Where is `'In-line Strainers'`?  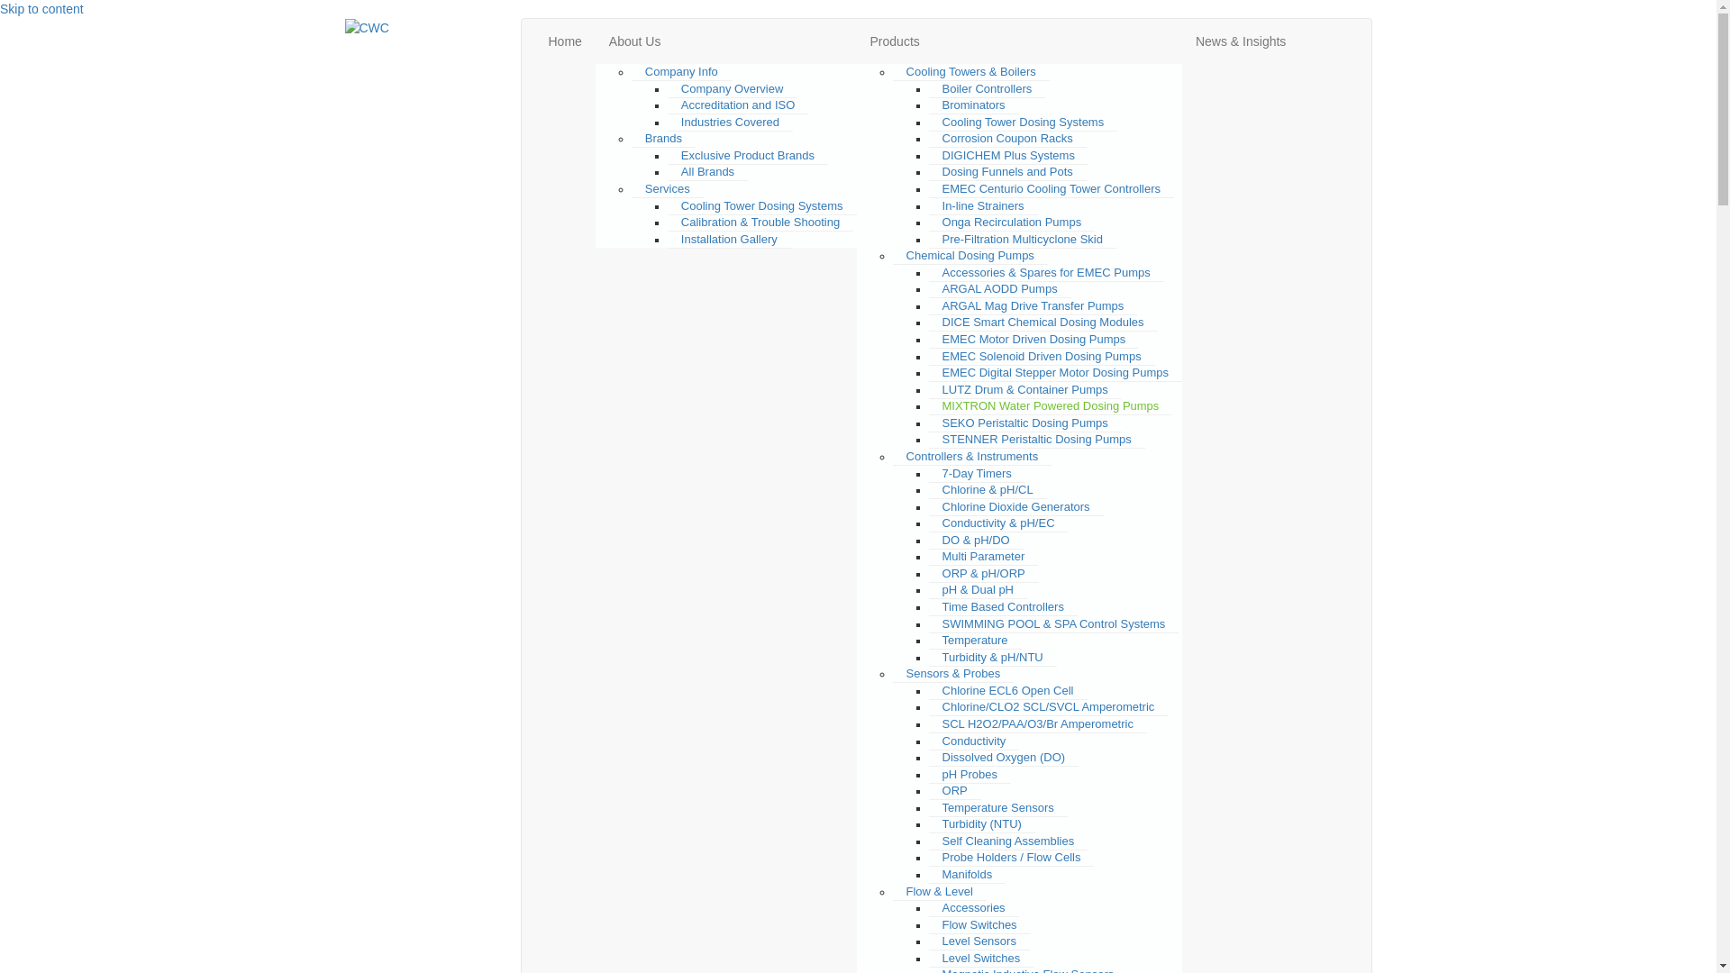
'In-line Strainers' is located at coordinates (929, 204).